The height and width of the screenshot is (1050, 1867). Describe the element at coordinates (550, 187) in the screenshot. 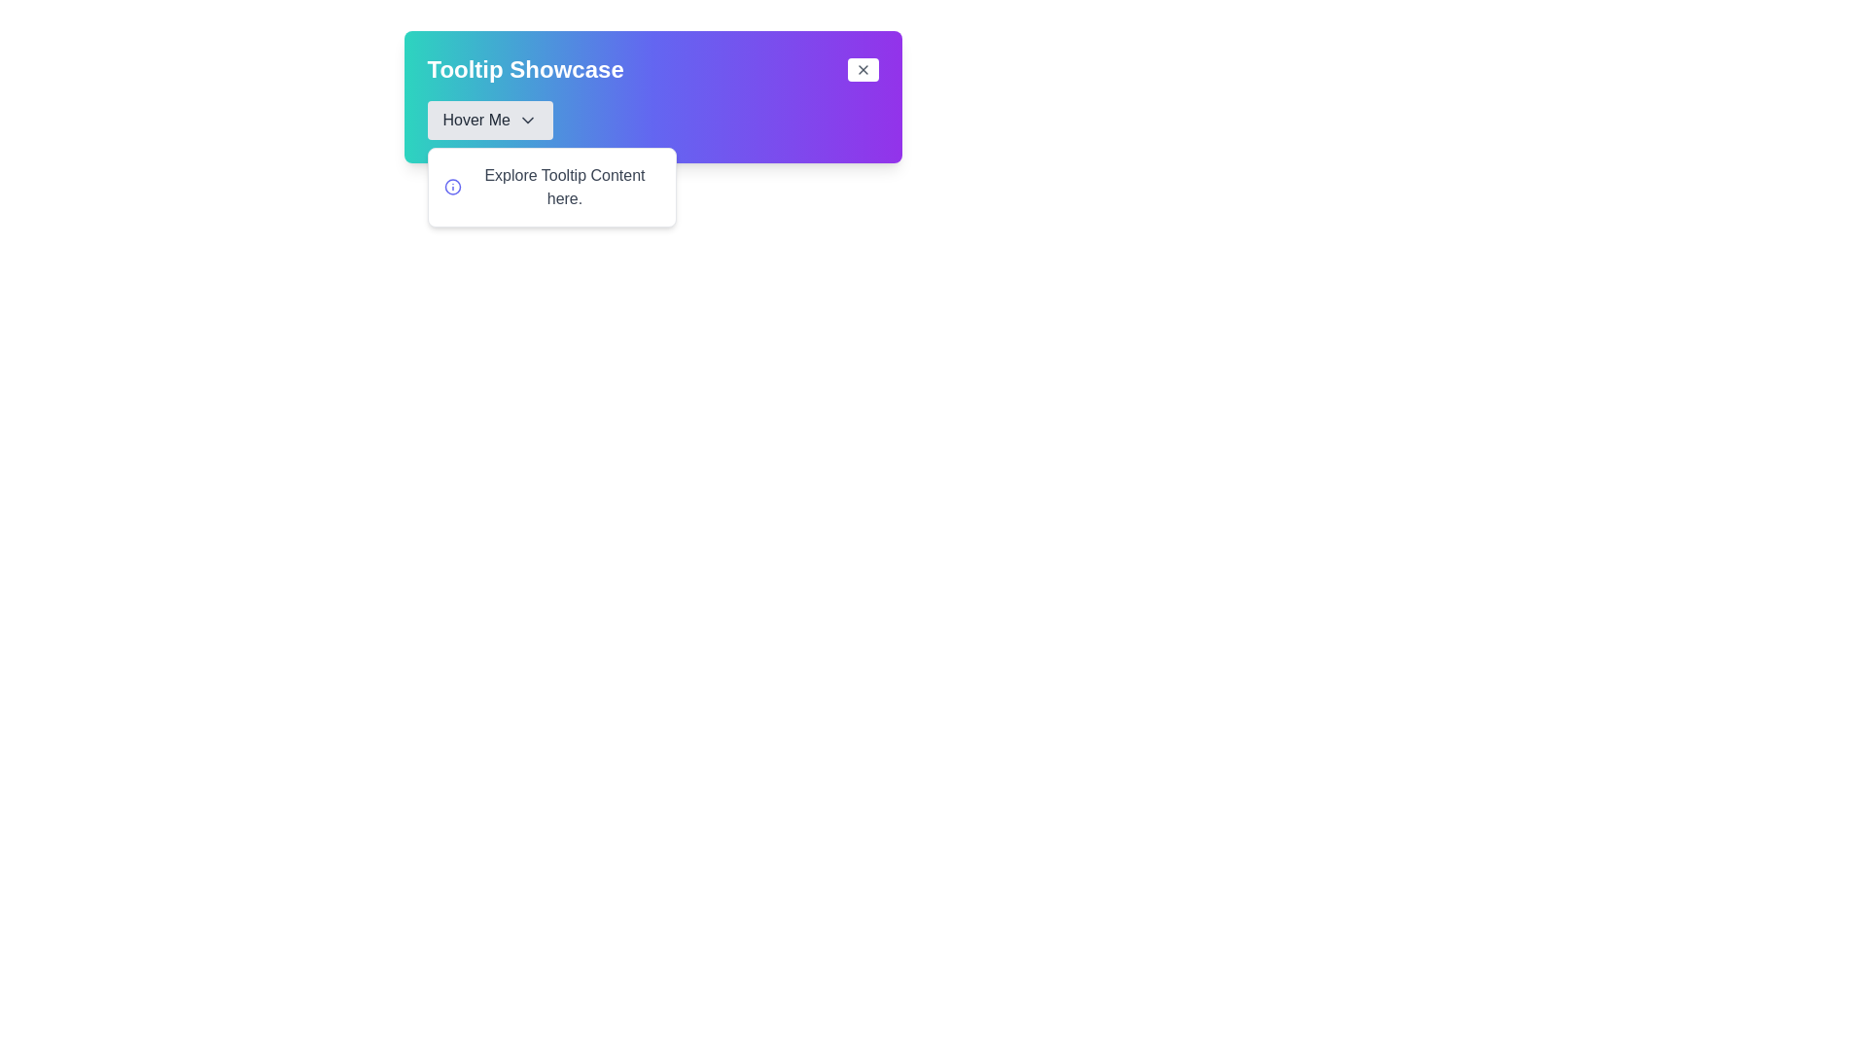

I see `the tooltip displaying 'Explore Tooltip Content here.' which is located directly below the 'Hover Me' button` at that location.